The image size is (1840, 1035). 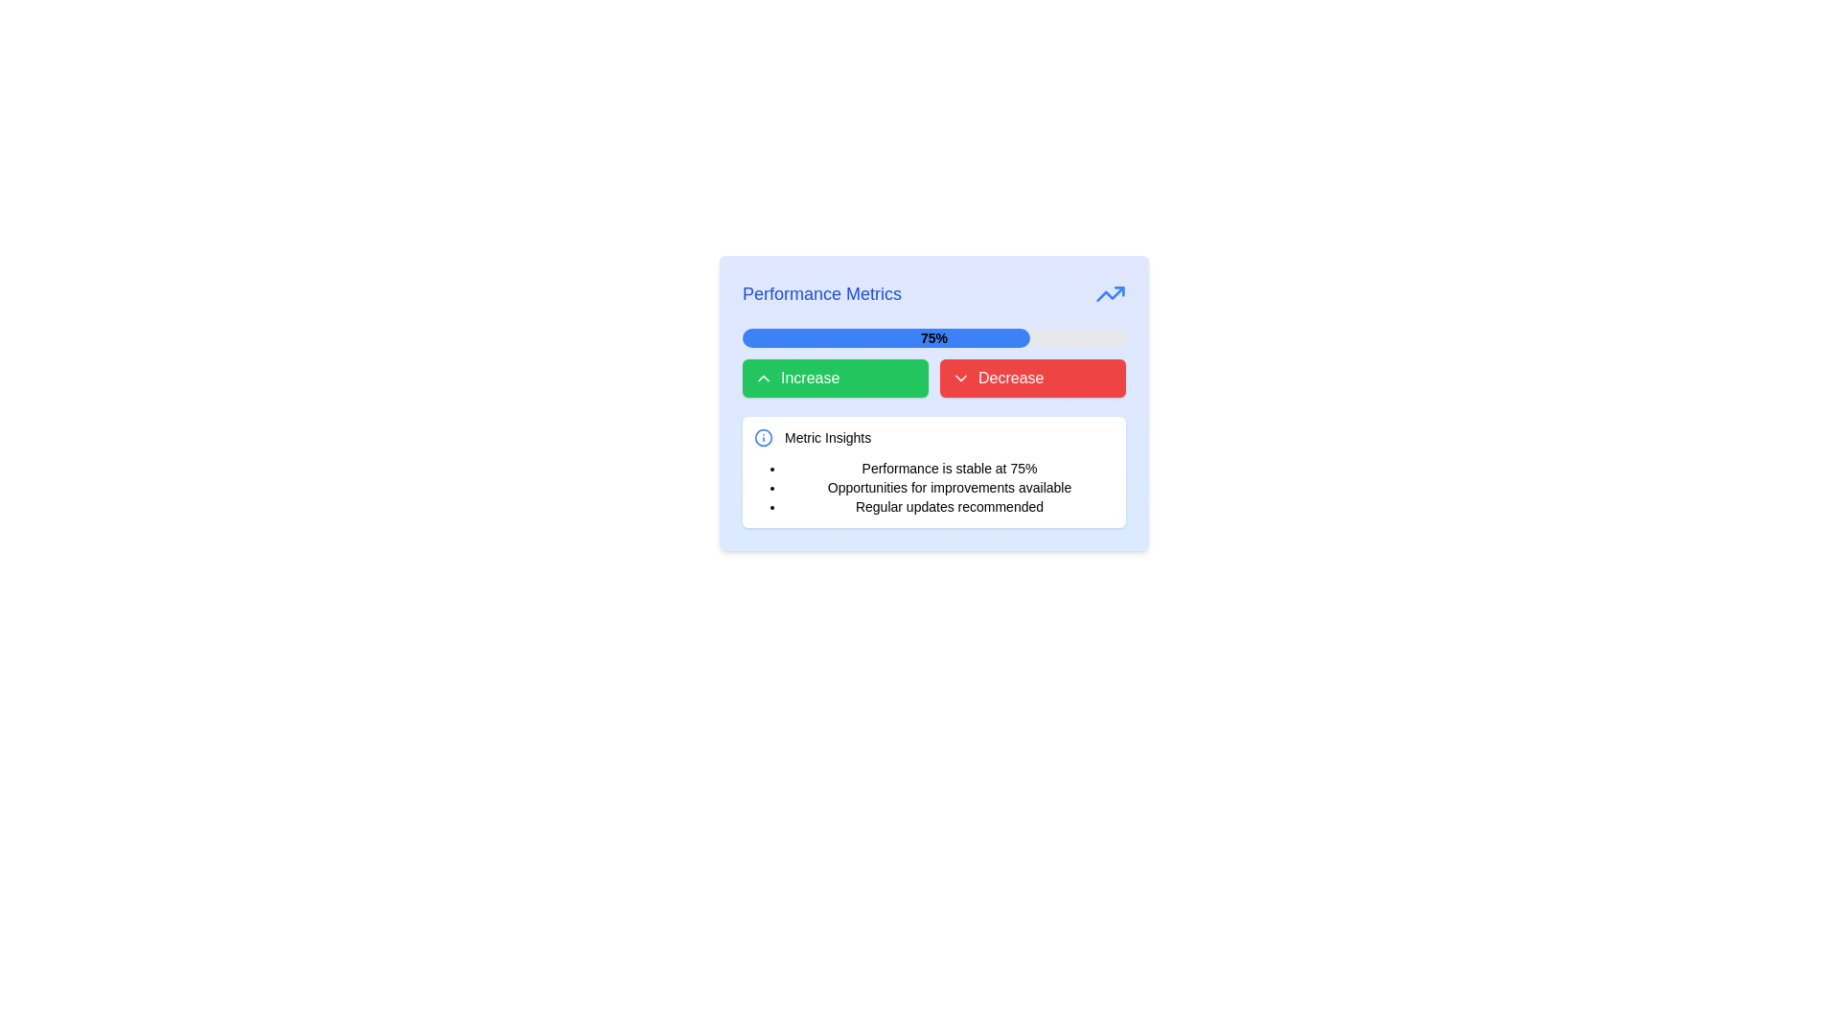 I want to click on the decorative Circle in the SVG graphic, which is part of an information icon located towards the top-left of the window, so click(x=762, y=437).